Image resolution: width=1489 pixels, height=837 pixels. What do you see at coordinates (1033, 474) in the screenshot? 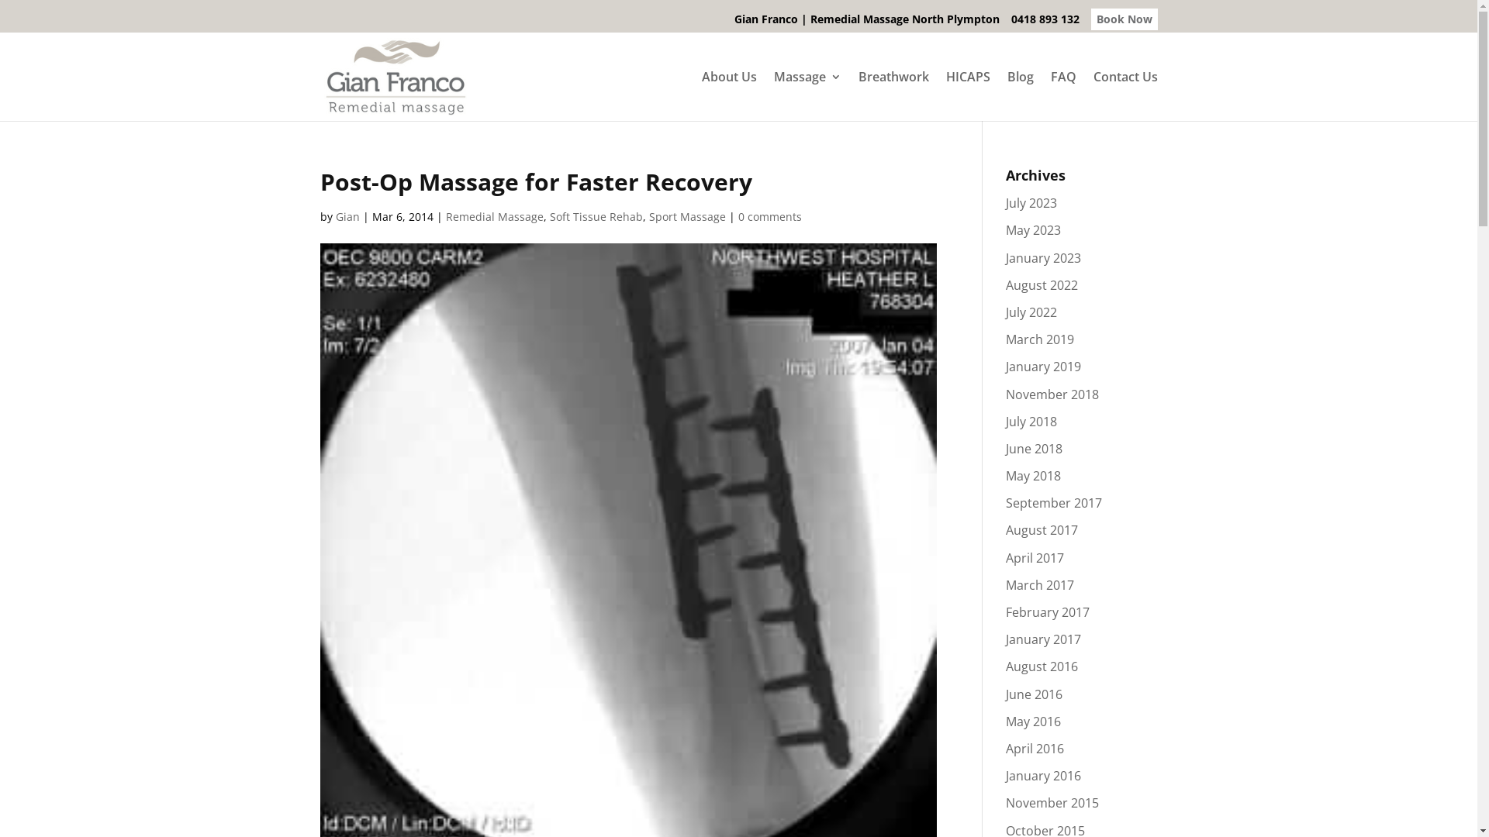
I see `'May 2018'` at bounding box center [1033, 474].